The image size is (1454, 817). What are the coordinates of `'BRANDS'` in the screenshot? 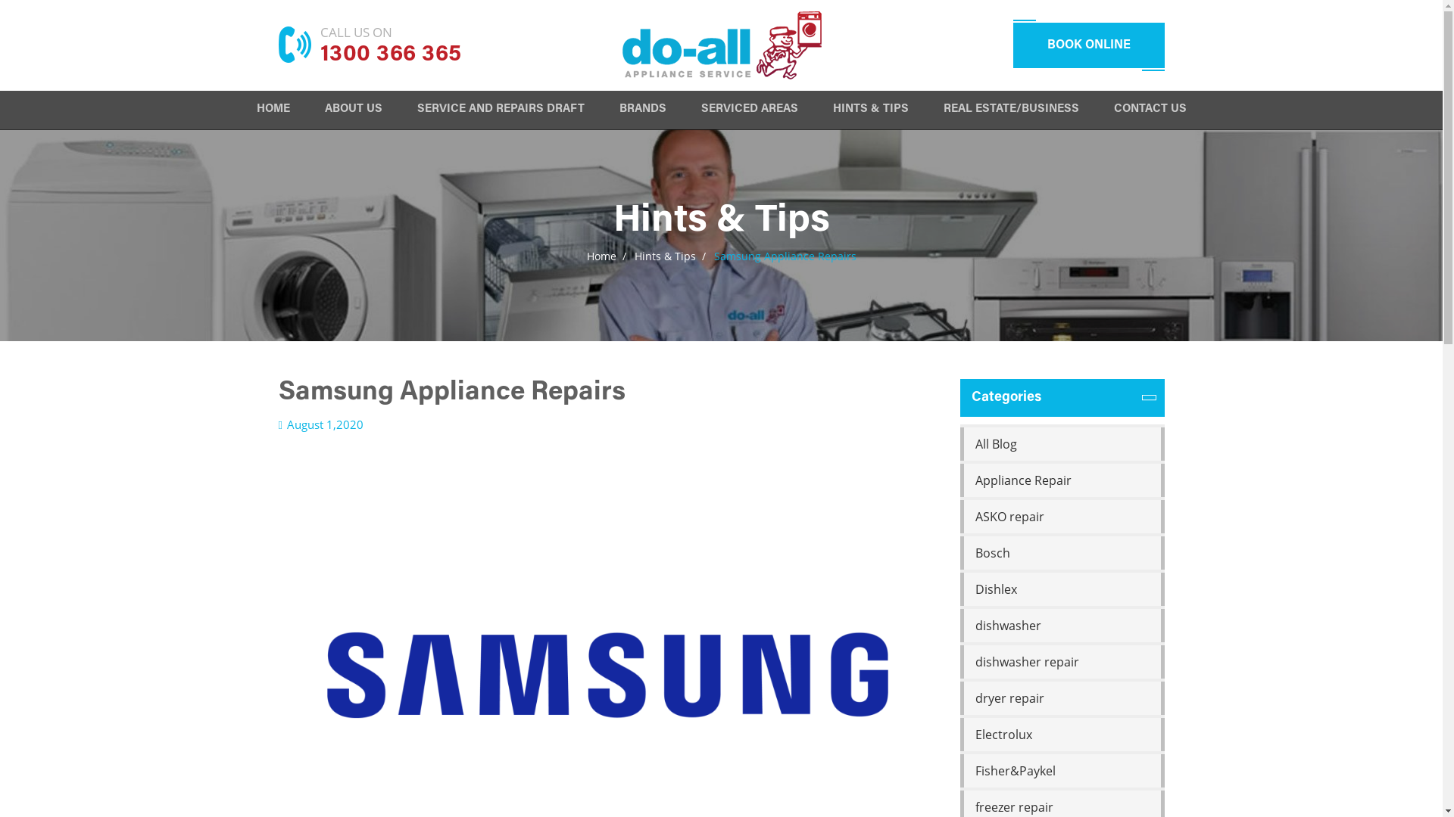 It's located at (643, 110).